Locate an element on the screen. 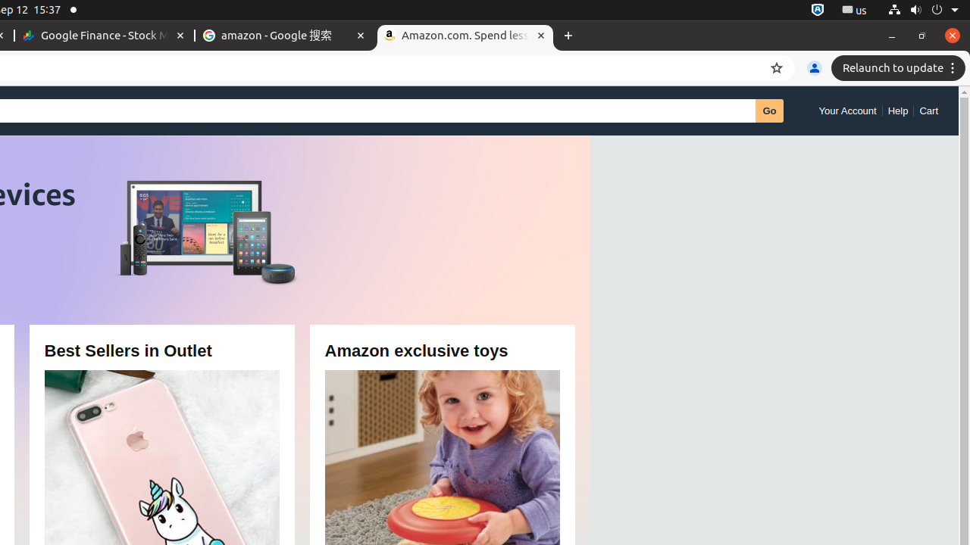 Image resolution: width=970 pixels, height=545 pixels. 'Relaunch to update' is located at coordinates (900, 68).